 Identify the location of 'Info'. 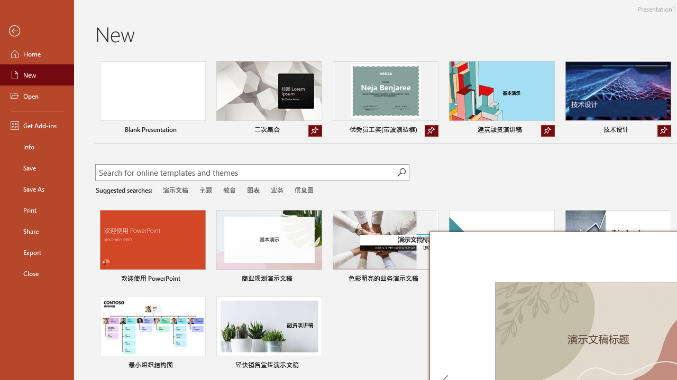
(36, 146).